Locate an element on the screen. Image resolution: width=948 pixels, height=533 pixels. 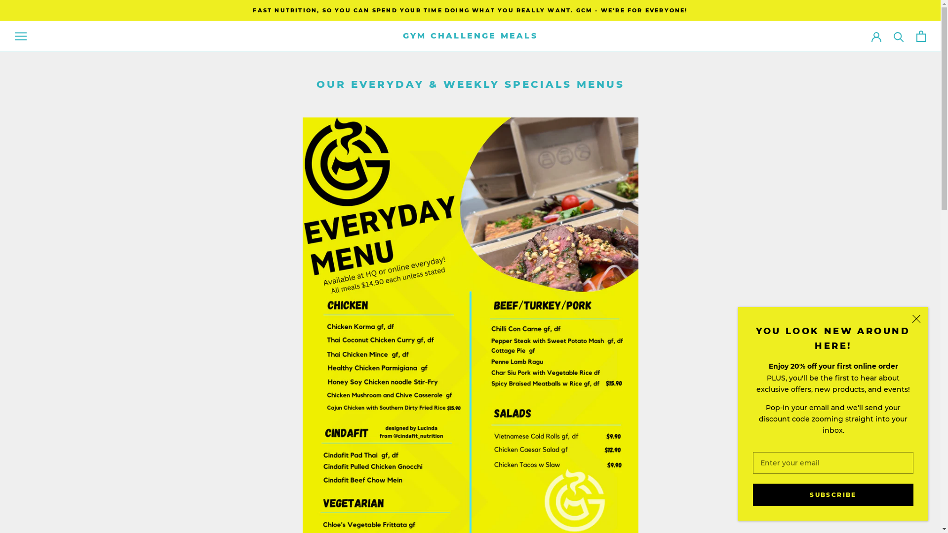
'SUBSCRIBE' is located at coordinates (832, 495).